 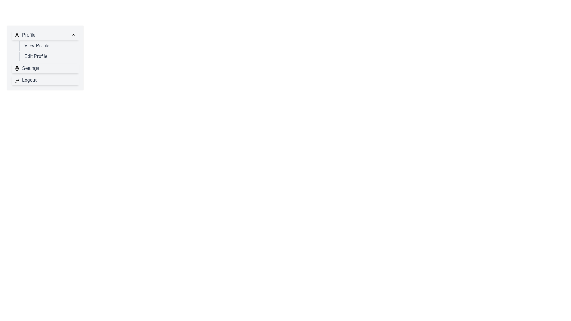 What do you see at coordinates (28, 35) in the screenshot?
I see `the Text Label located on the right side of the user icon in the header area of the settings menu layout, which serves as a title or context cue` at bounding box center [28, 35].